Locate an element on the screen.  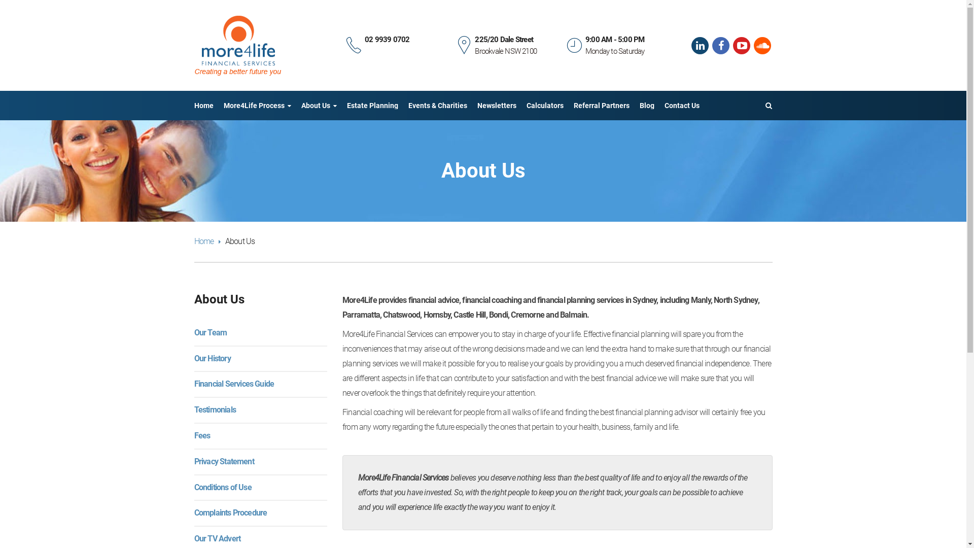
'Newsletters' is located at coordinates (496, 106).